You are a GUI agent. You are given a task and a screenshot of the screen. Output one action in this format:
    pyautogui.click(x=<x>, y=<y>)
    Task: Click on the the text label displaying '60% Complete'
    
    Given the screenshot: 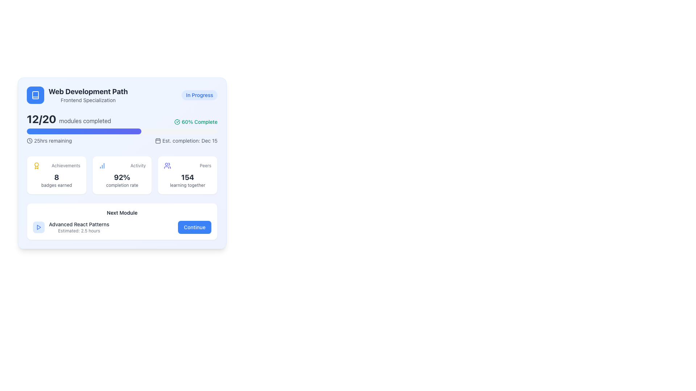 What is the action you would take?
    pyautogui.click(x=199, y=121)
    